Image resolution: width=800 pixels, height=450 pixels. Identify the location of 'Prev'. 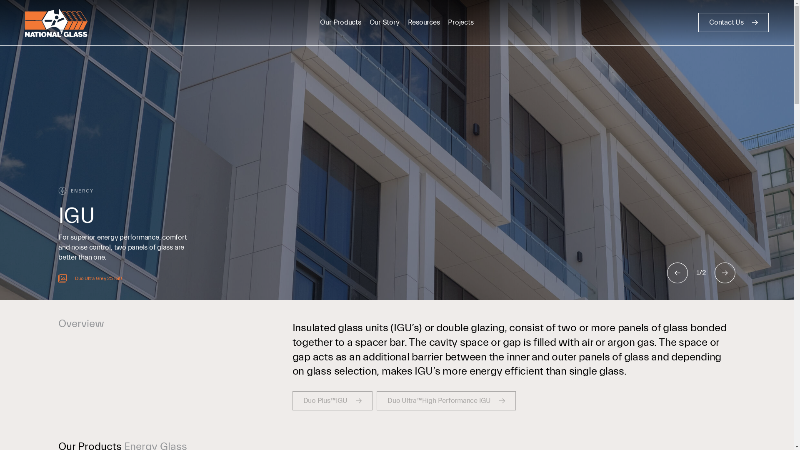
(677, 273).